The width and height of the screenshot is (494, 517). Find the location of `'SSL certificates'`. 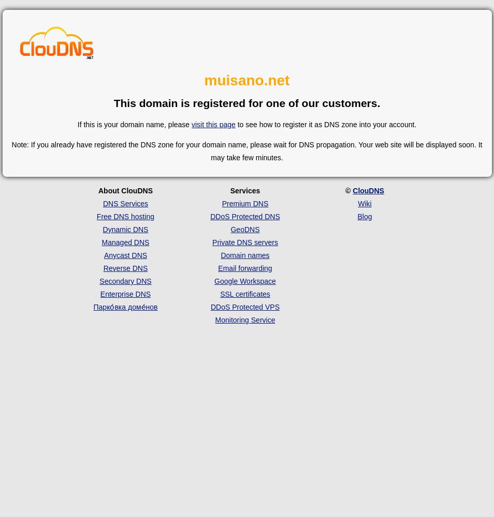

'SSL certificates' is located at coordinates (220, 293).